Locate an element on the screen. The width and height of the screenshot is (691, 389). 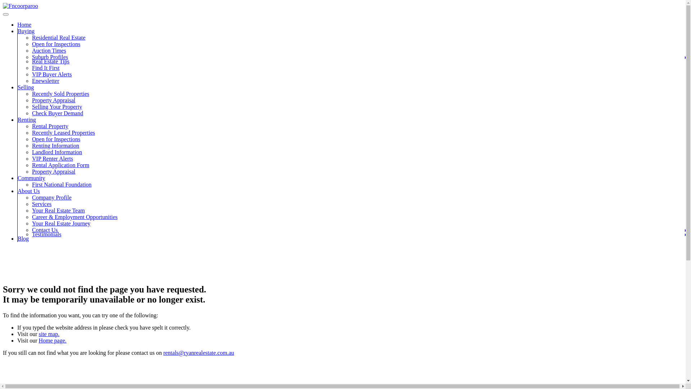
'Company Profile' is located at coordinates (51, 197).